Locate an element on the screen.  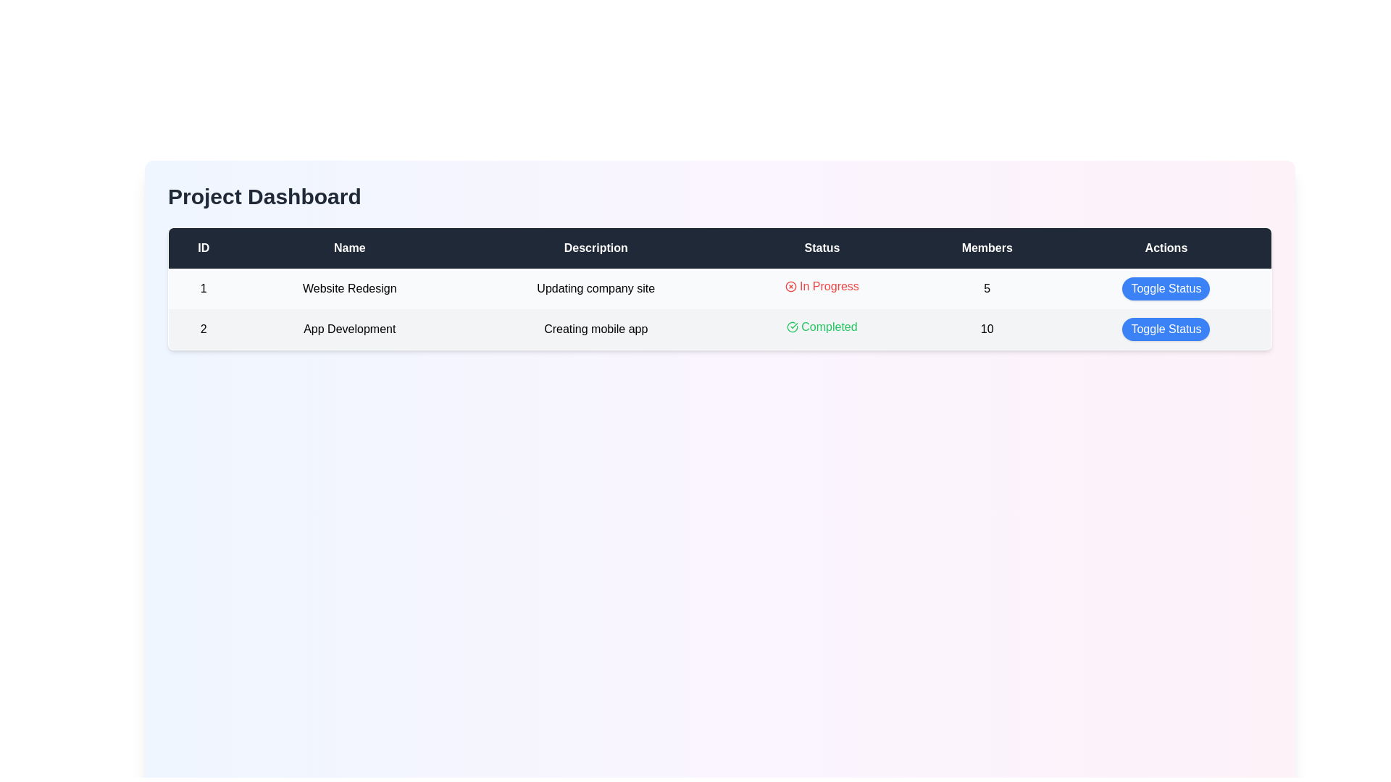
the Status indicator for the 'Website Redesign' project in the first row of the Project Dashboard table to check its ongoing status is located at coordinates (822, 287).